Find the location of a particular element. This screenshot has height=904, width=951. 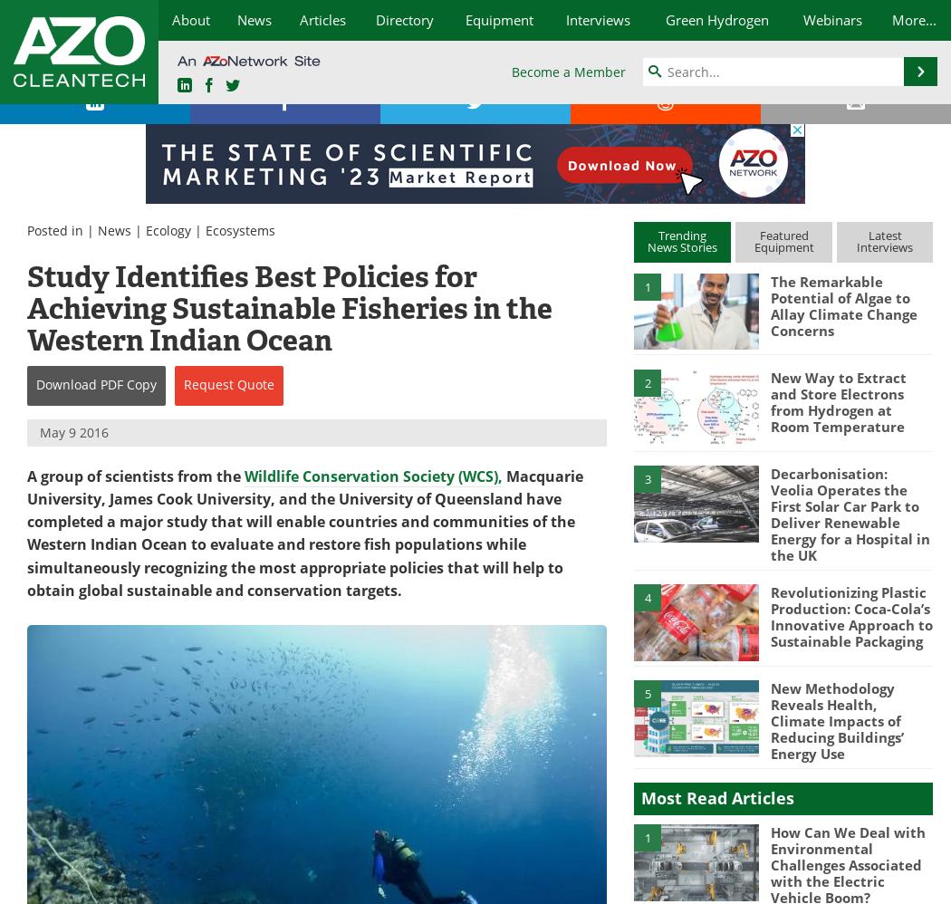

'Directory' is located at coordinates (403, 19).